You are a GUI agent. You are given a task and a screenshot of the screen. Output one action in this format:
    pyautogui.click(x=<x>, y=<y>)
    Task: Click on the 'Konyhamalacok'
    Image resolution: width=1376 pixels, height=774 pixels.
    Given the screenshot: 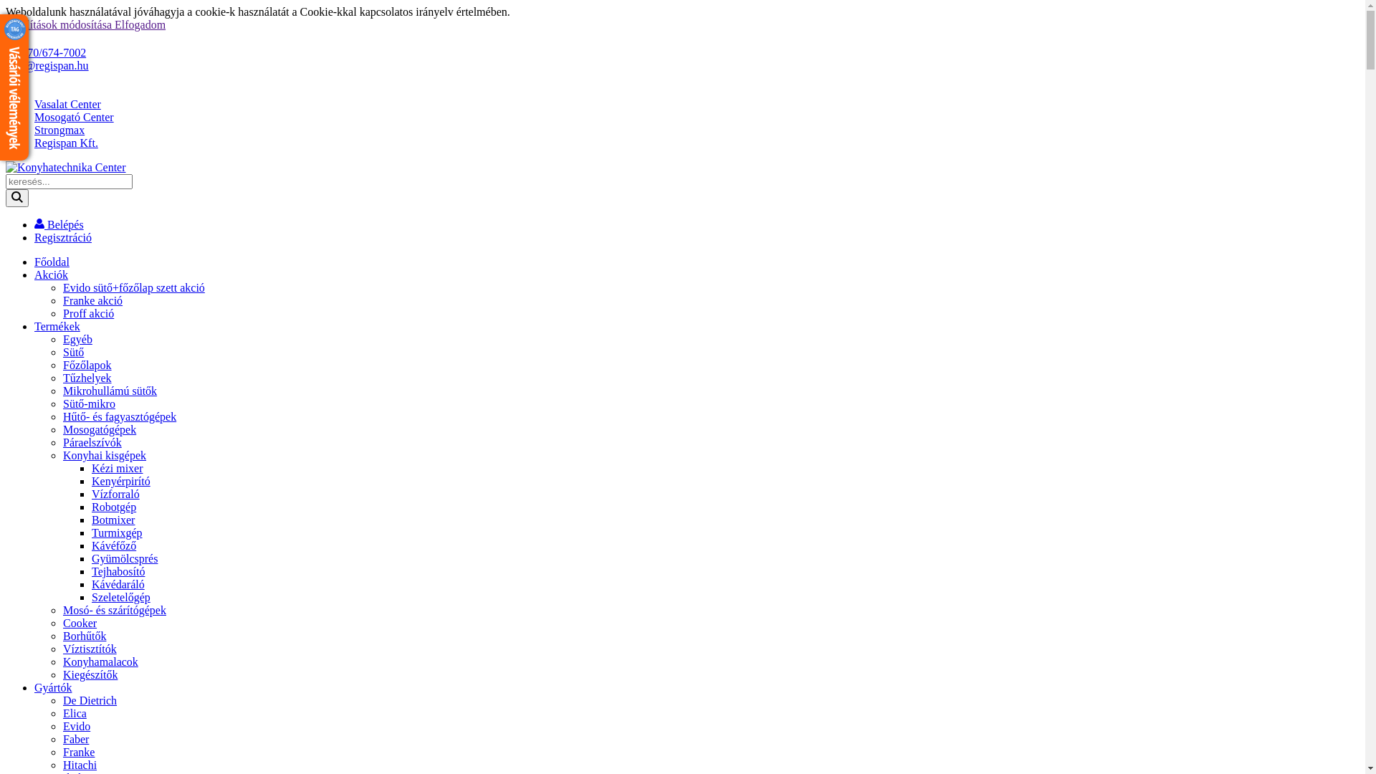 What is the action you would take?
    pyautogui.click(x=100, y=661)
    